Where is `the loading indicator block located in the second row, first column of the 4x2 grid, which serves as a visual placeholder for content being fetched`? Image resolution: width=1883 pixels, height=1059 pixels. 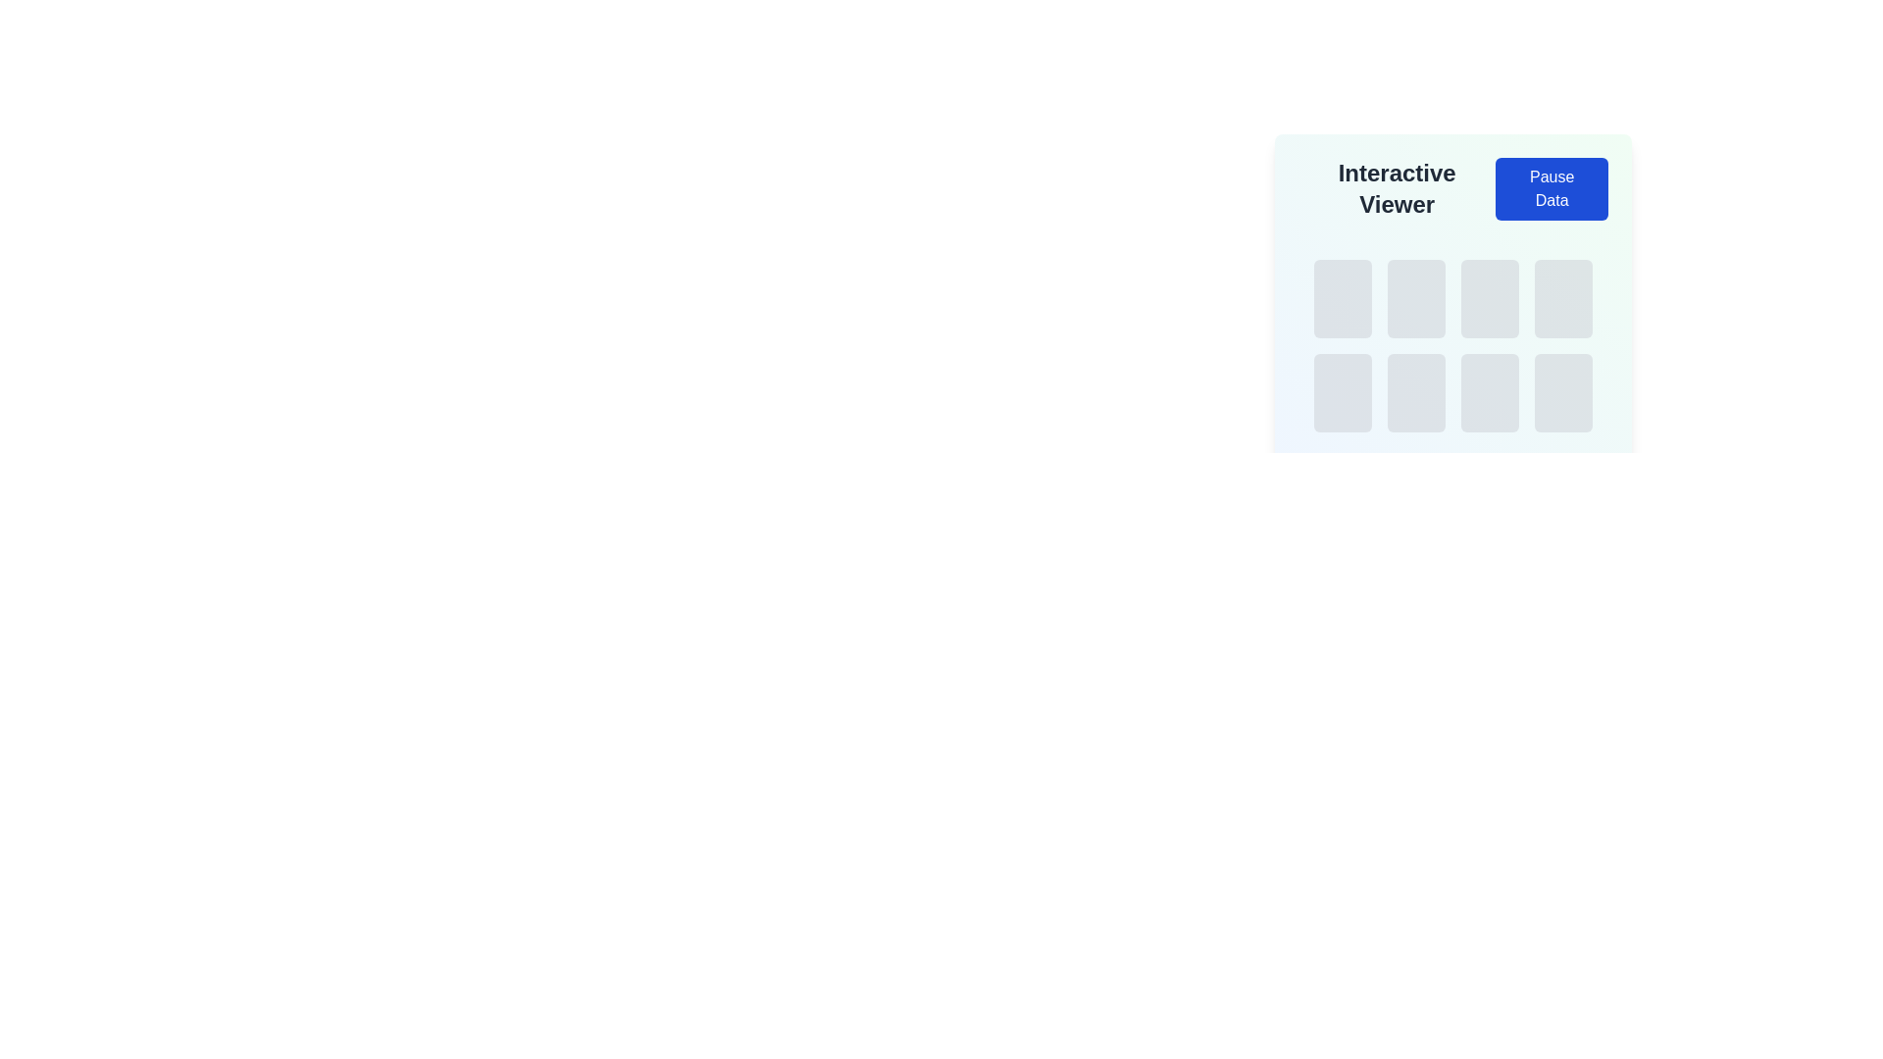 the loading indicator block located in the second row, first column of the 4x2 grid, which serves as a visual placeholder for content being fetched is located at coordinates (1342, 393).